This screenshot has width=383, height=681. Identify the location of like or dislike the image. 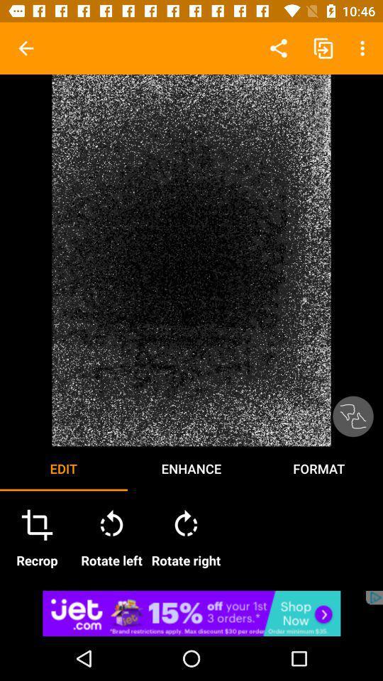
(352, 416).